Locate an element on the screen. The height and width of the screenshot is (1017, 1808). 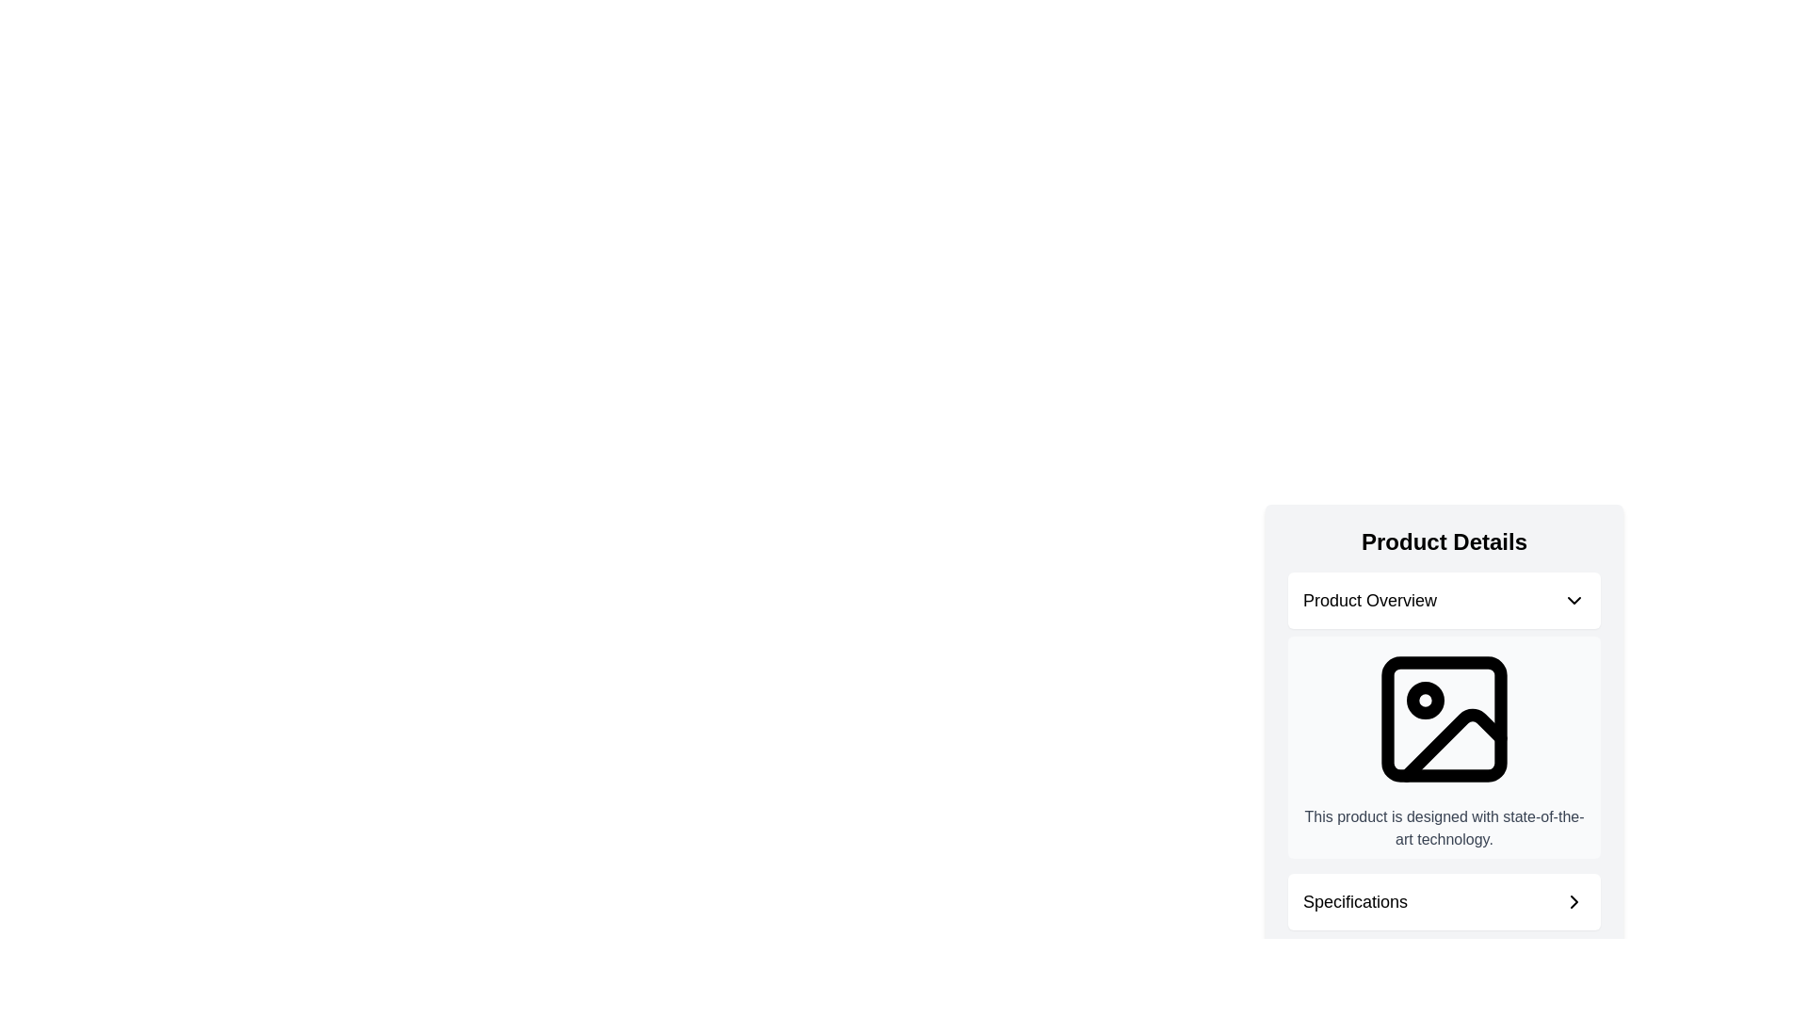
the descriptive and visual content of the 'Product Overview' section, which includes the title, icon, and text is located at coordinates (1444, 715).